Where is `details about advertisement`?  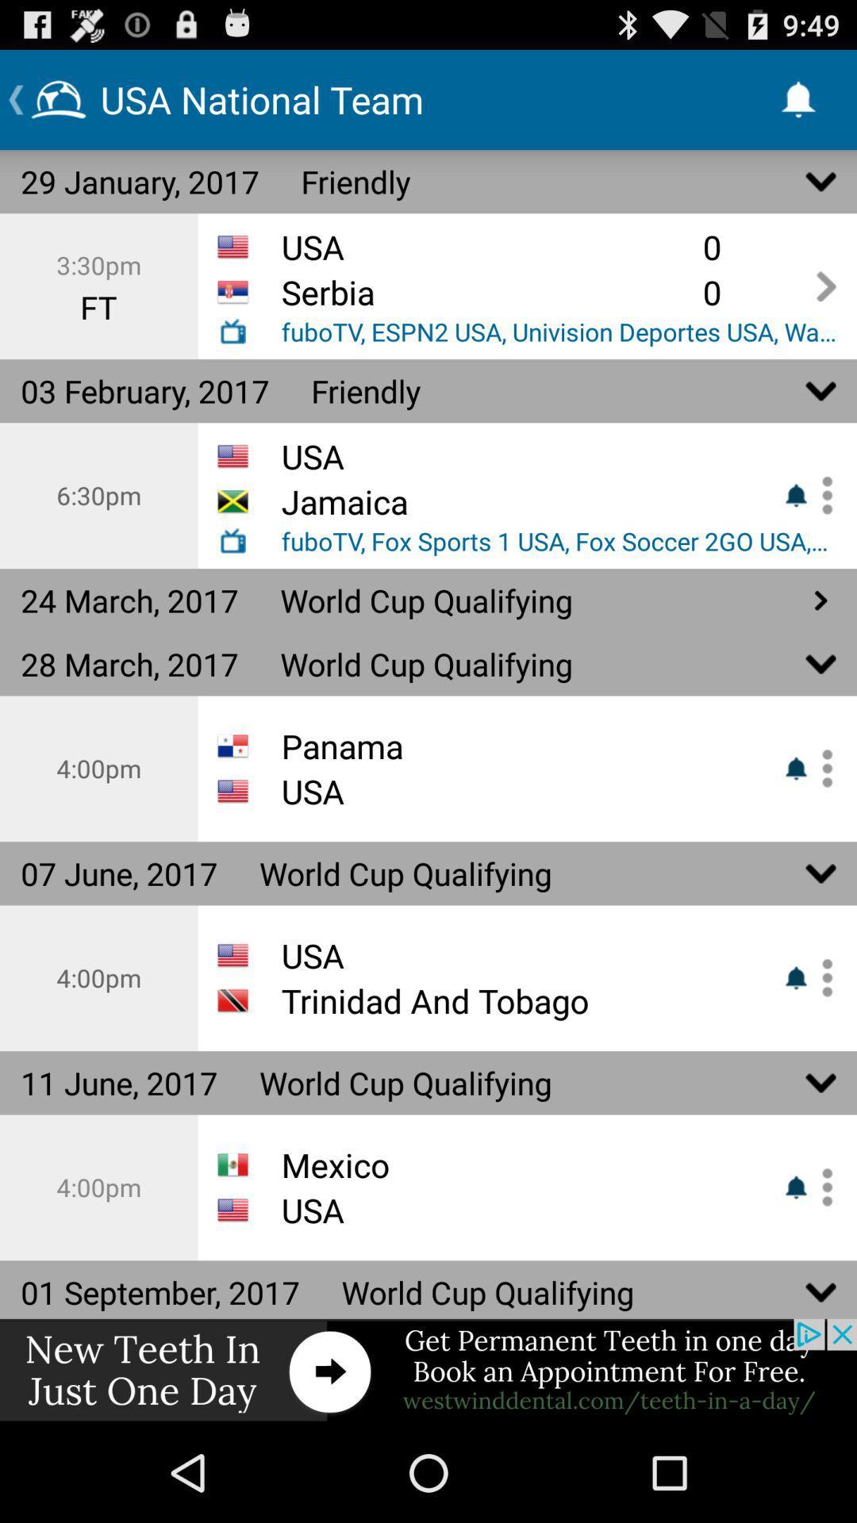
details about advertisement is located at coordinates (428, 1370).